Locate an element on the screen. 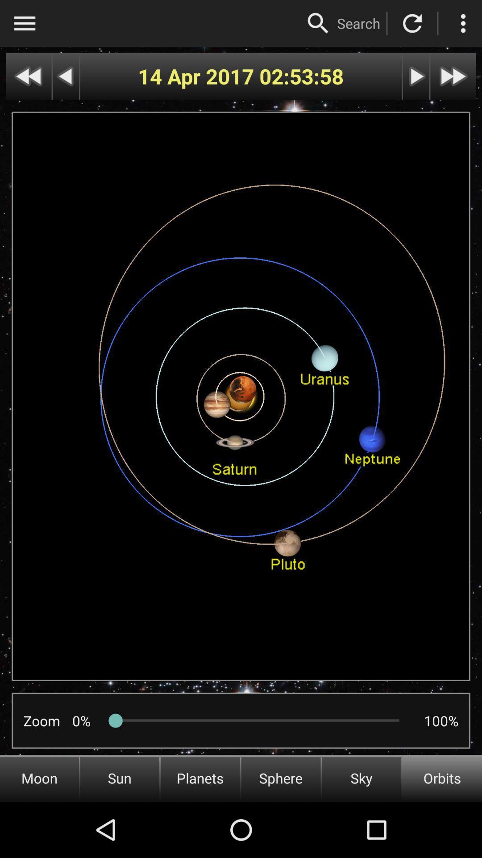  the play icon is located at coordinates (416, 76).